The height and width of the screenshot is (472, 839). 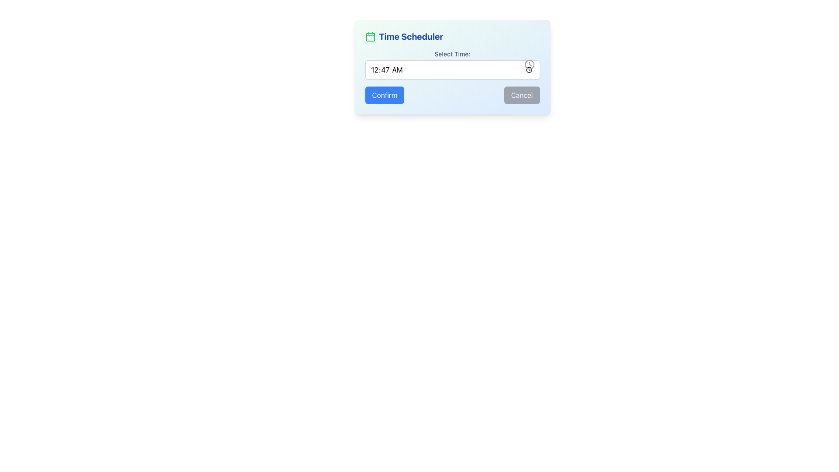 I want to click on the Decorative Icon that symbolizes a calendar, located to the left of the 'Time Scheduler' text, so click(x=370, y=36).